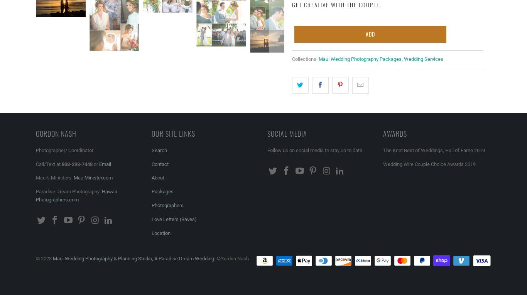 The height and width of the screenshot is (295, 527). I want to click on '.
          ©Gordon Nash', so click(214, 258).